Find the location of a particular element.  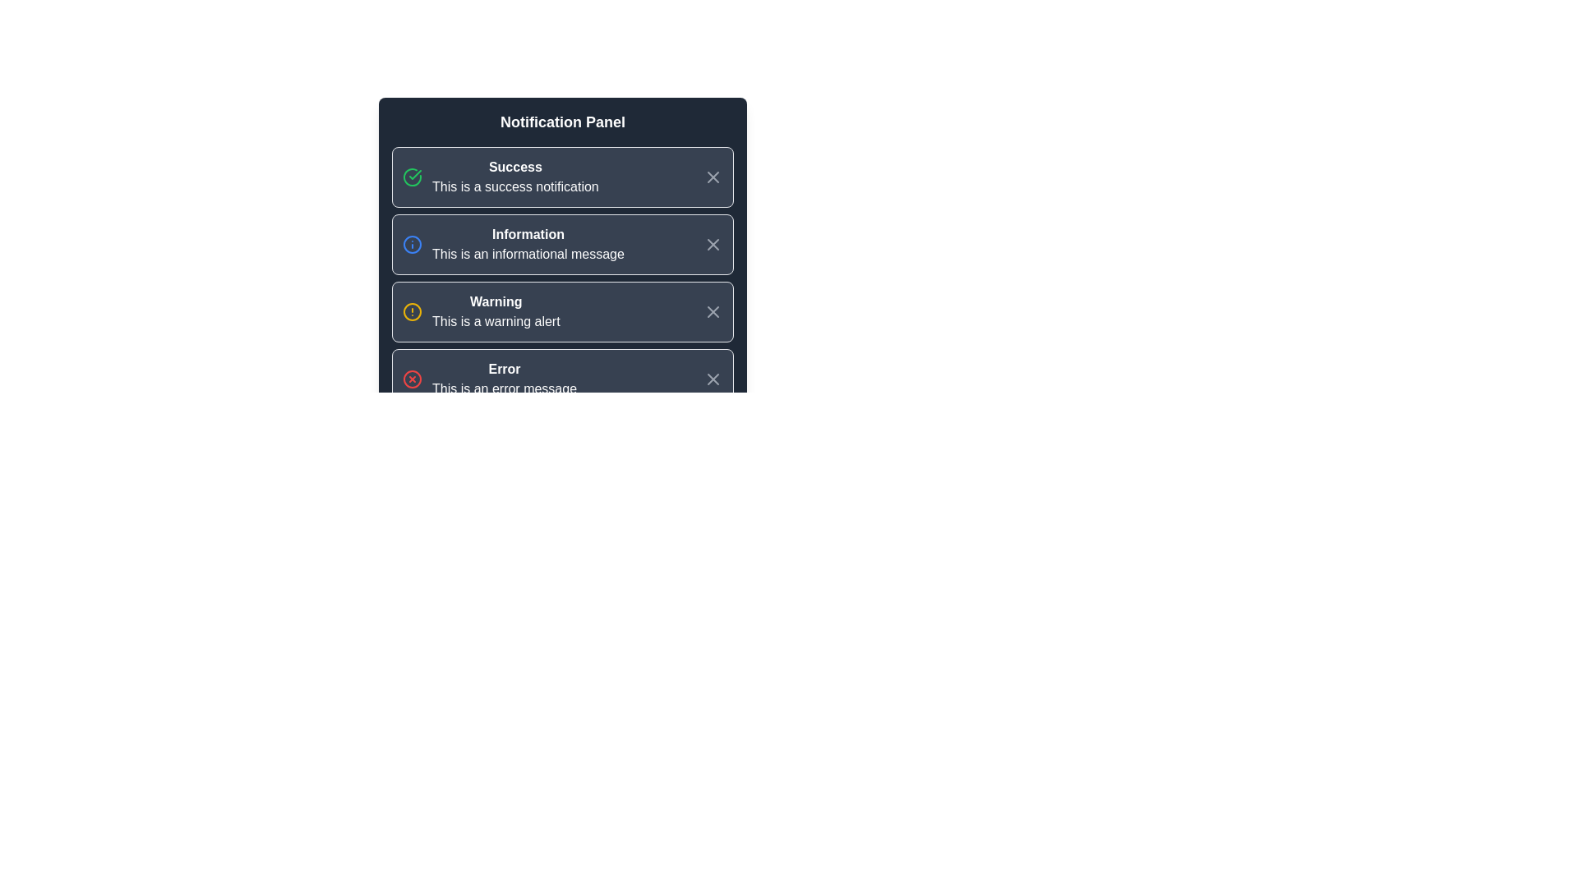

the 'Error' notification alert box, which features a bolded heading and a descriptive text is located at coordinates (504, 379).